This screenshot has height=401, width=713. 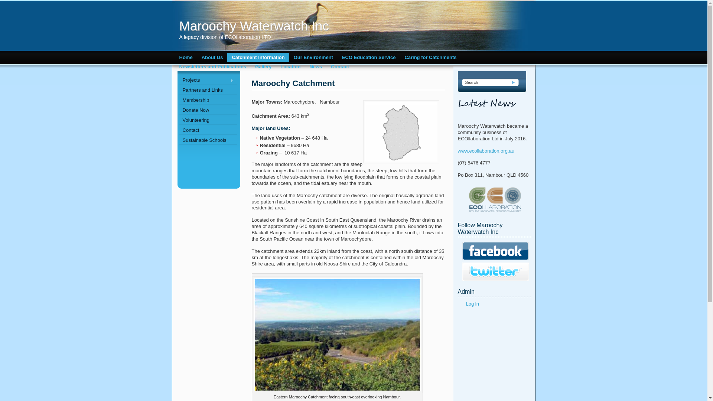 What do you see at coordinates (514, 82) in the screenshot?
I see `'Search'` at bounding box center [514, 82].